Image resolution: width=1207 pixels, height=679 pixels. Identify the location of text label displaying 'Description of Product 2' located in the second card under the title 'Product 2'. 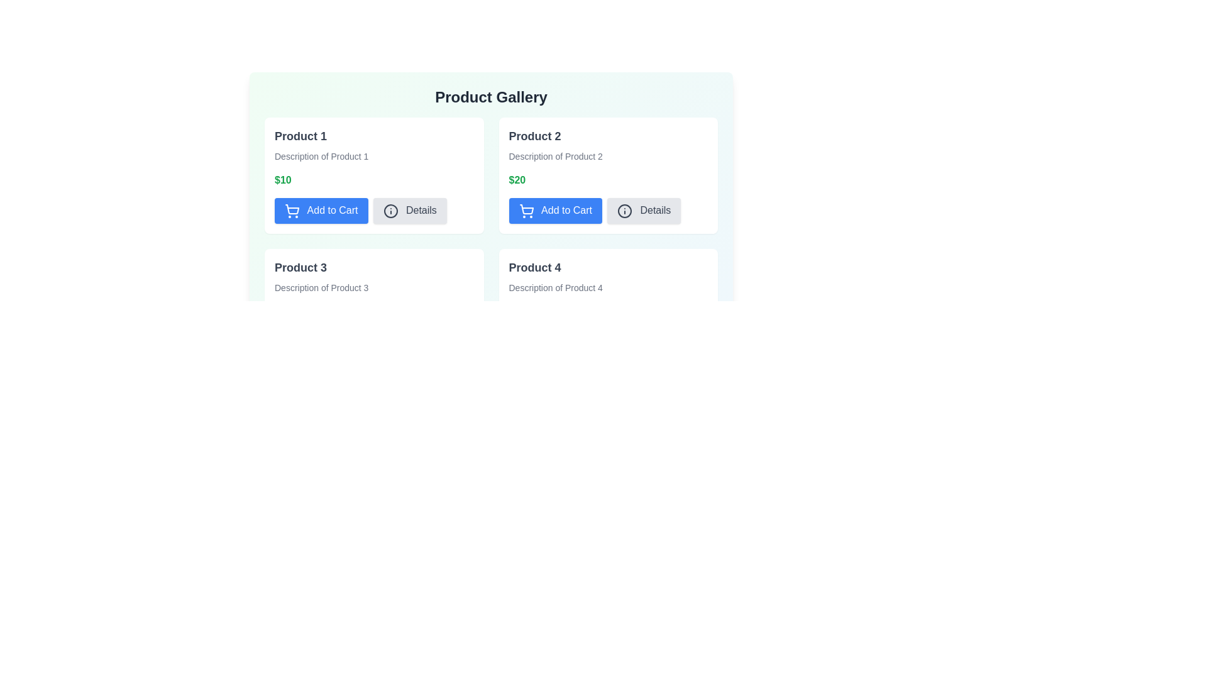
(555, 156).